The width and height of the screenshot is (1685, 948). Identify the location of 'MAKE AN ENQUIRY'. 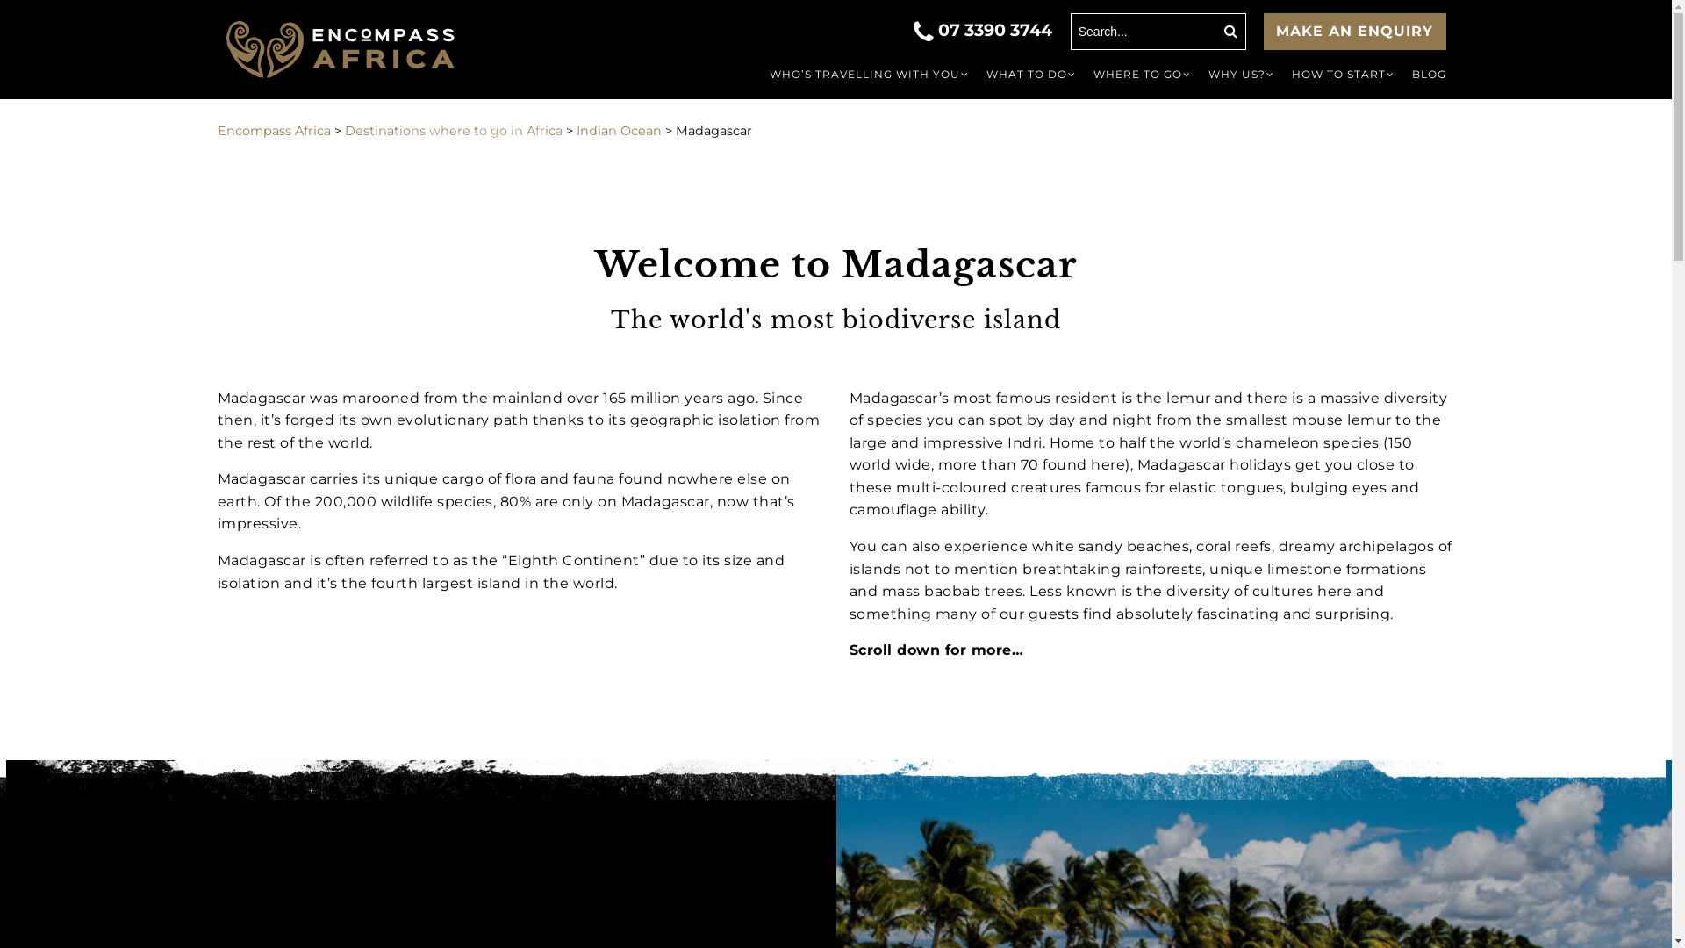
(1354, 31).